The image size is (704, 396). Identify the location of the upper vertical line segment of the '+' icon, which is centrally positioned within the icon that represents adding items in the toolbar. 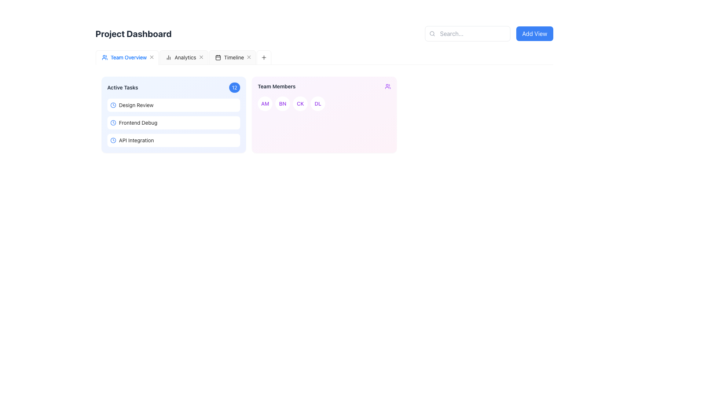
(103, 57).